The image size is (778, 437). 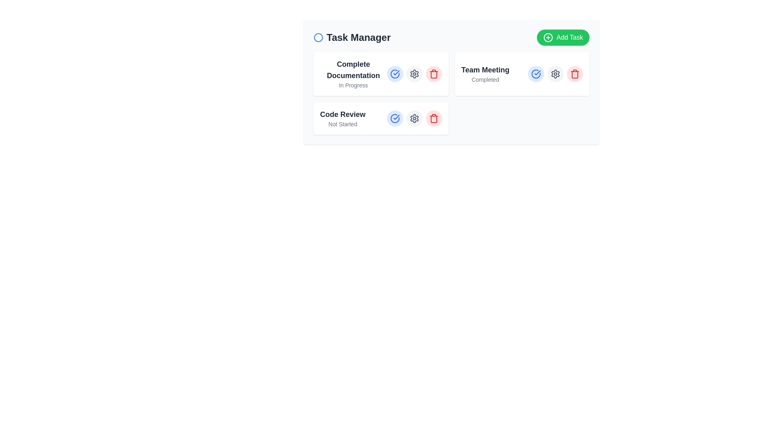 I want to click on the trash icon button outlined in red, located in the second row under 'Code Review', so click(x=433, y=74).